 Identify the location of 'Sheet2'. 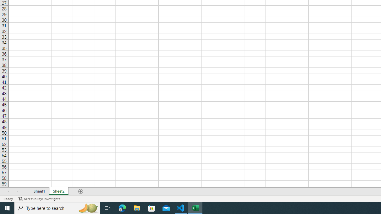
(59, 191).